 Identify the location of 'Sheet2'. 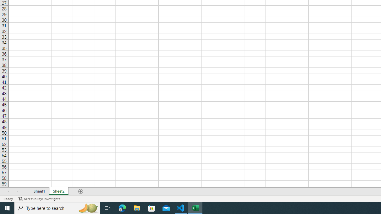
(59, 191).